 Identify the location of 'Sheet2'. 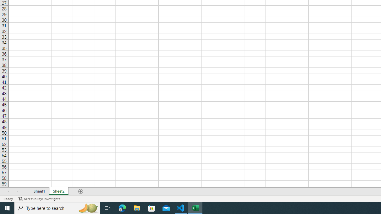
(59, 191).